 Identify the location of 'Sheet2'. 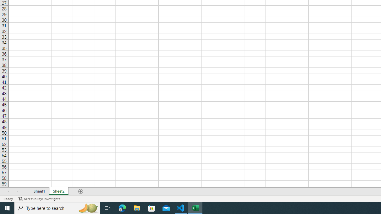
(59, 191).